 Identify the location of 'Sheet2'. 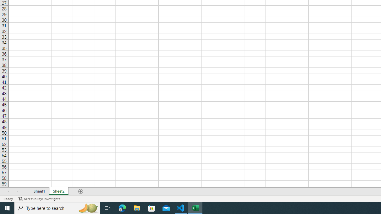
(59, 191).